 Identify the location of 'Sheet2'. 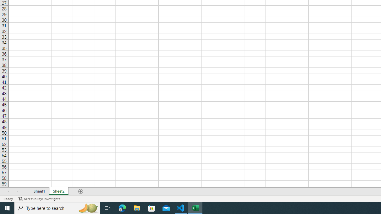
(59, 191).